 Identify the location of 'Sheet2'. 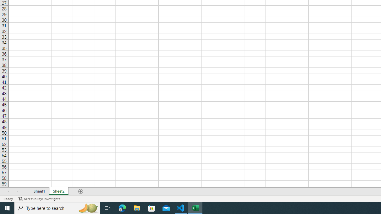
(59, 191).